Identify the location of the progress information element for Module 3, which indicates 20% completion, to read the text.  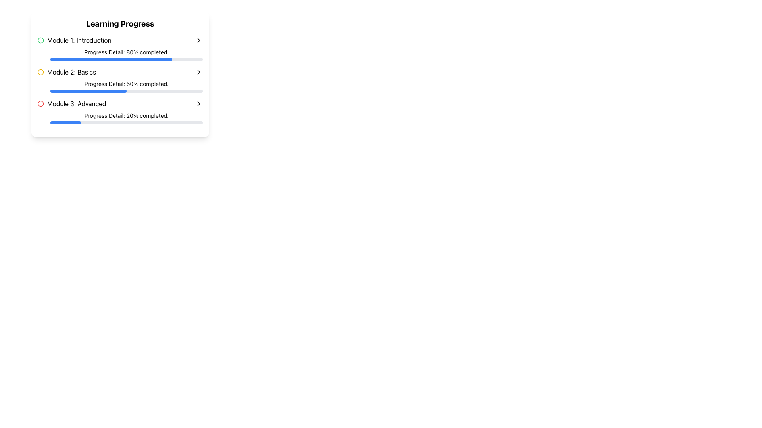
(119, 118).